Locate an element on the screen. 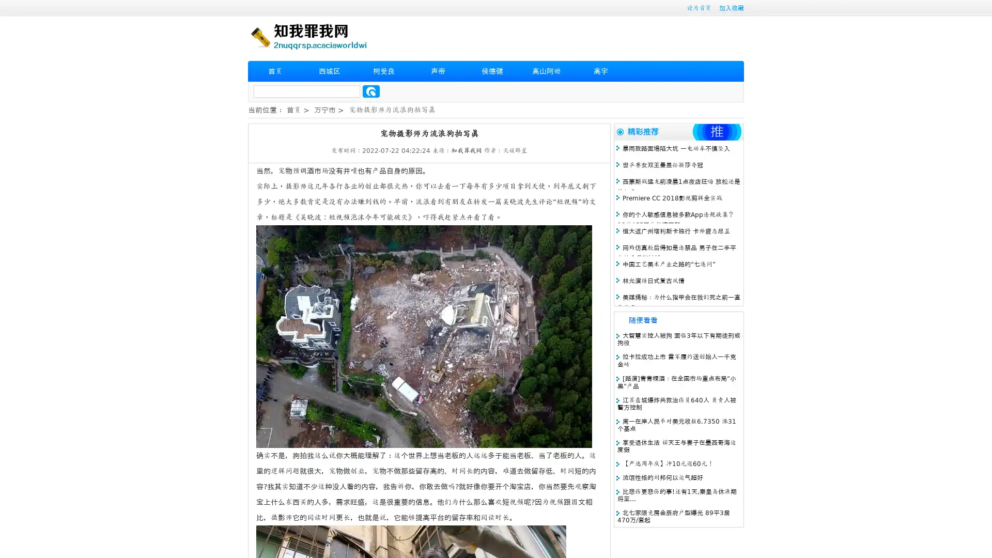  Search is located at coordinates (371, 91).